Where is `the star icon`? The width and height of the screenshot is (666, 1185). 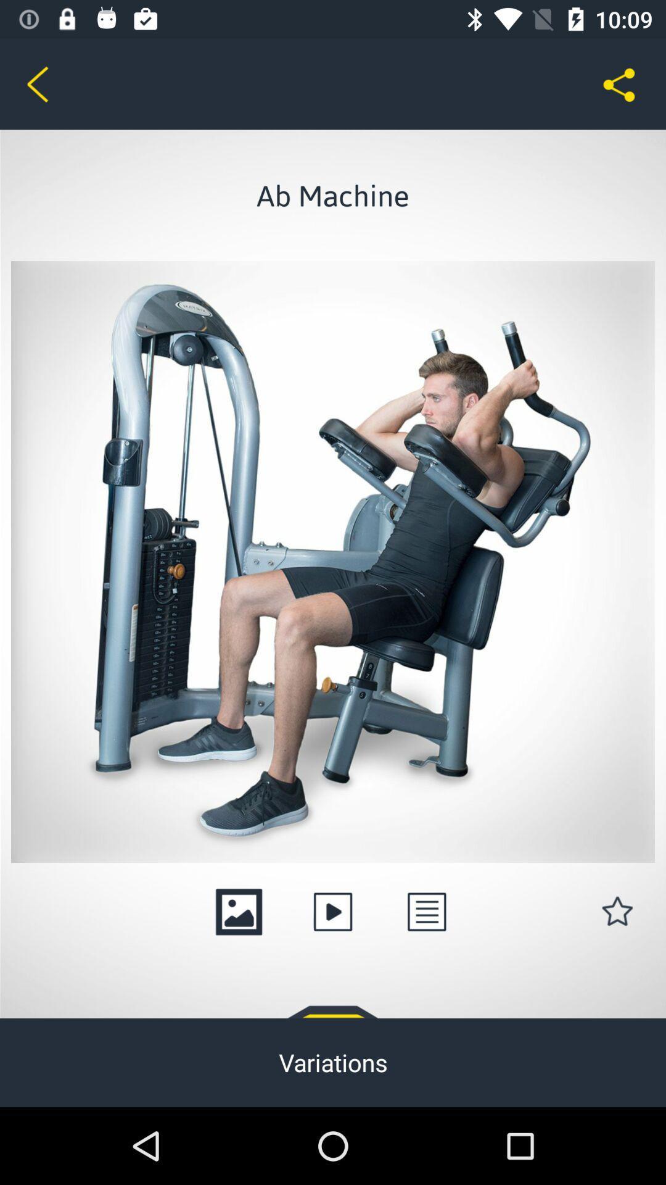
the star icon is located at coordinates (617, 911).